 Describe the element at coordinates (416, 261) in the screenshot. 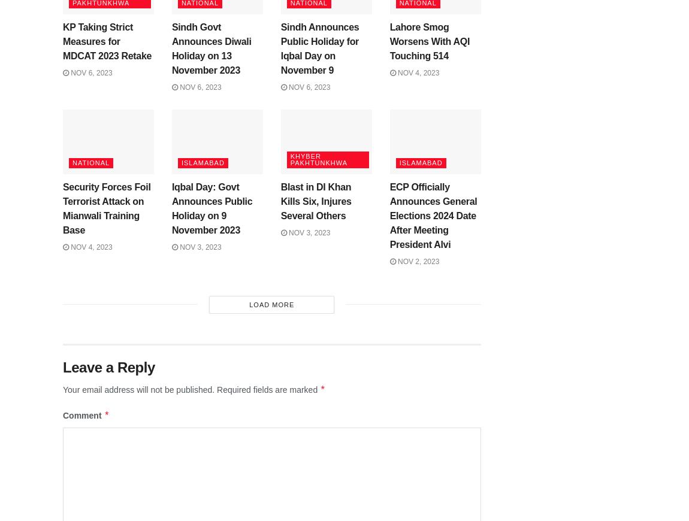

I see `'Nov 2, 2023'` at that location.